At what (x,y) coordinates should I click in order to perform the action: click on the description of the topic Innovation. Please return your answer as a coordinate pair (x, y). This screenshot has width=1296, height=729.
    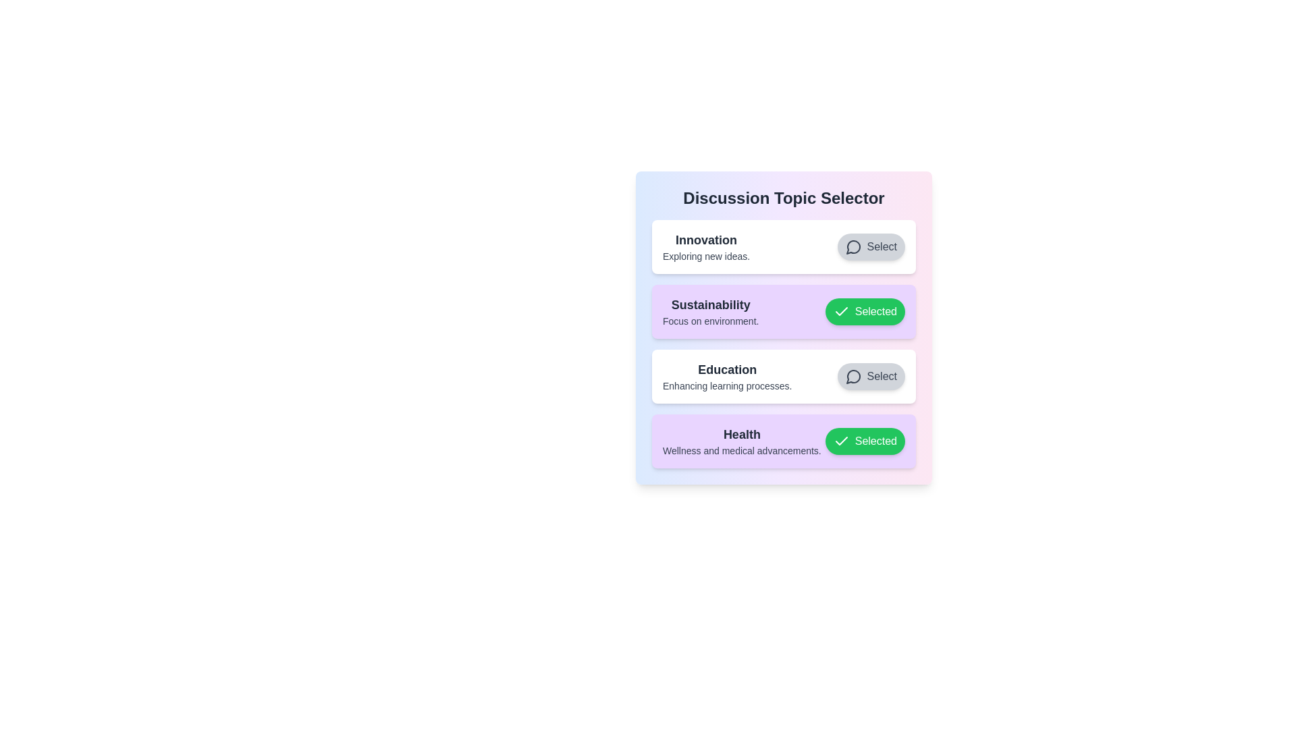
    Looking at the image, I should click on (705, 247).